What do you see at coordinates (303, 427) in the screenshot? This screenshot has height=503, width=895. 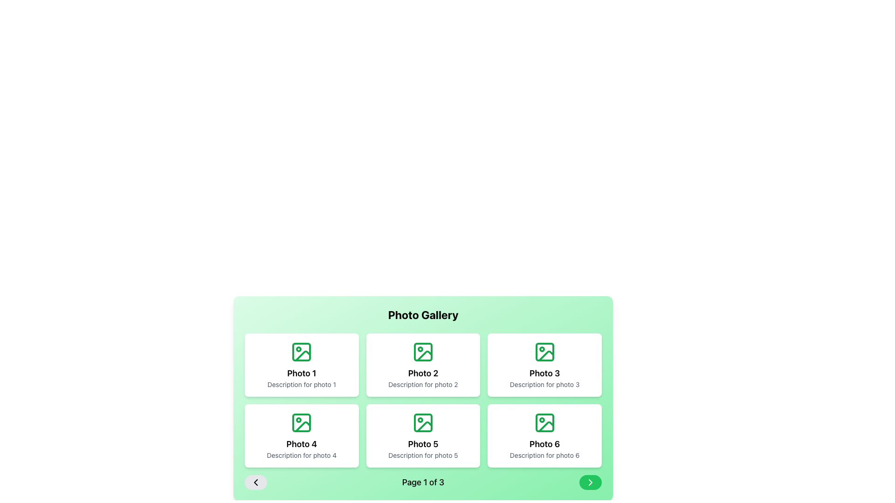 I see `the outlined picture frame icon with a mountain shape inside, located in the 'Photo 4' card in the gallery` at bounding box center [303, 427].